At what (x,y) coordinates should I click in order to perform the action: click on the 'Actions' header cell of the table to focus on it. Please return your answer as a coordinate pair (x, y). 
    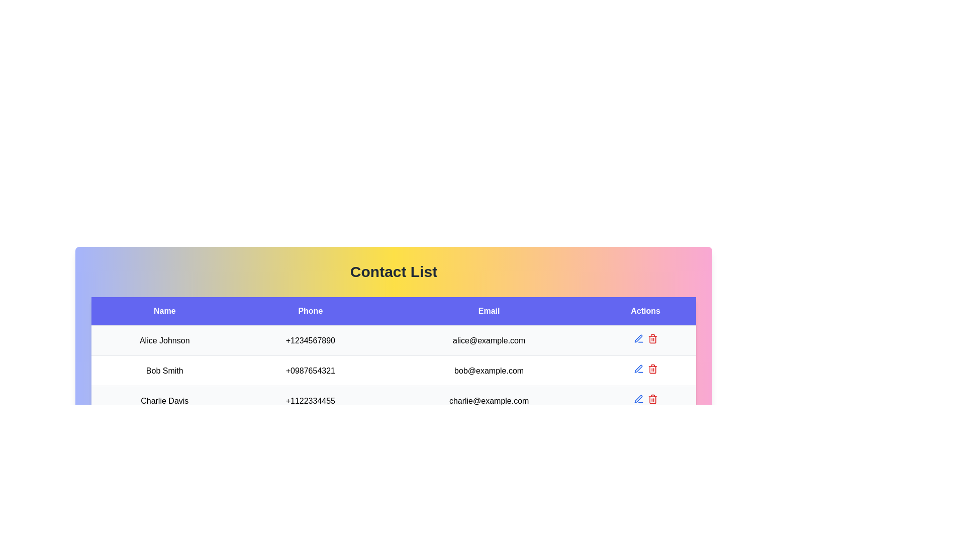
    Looking at the image, I should click on (645, 310).